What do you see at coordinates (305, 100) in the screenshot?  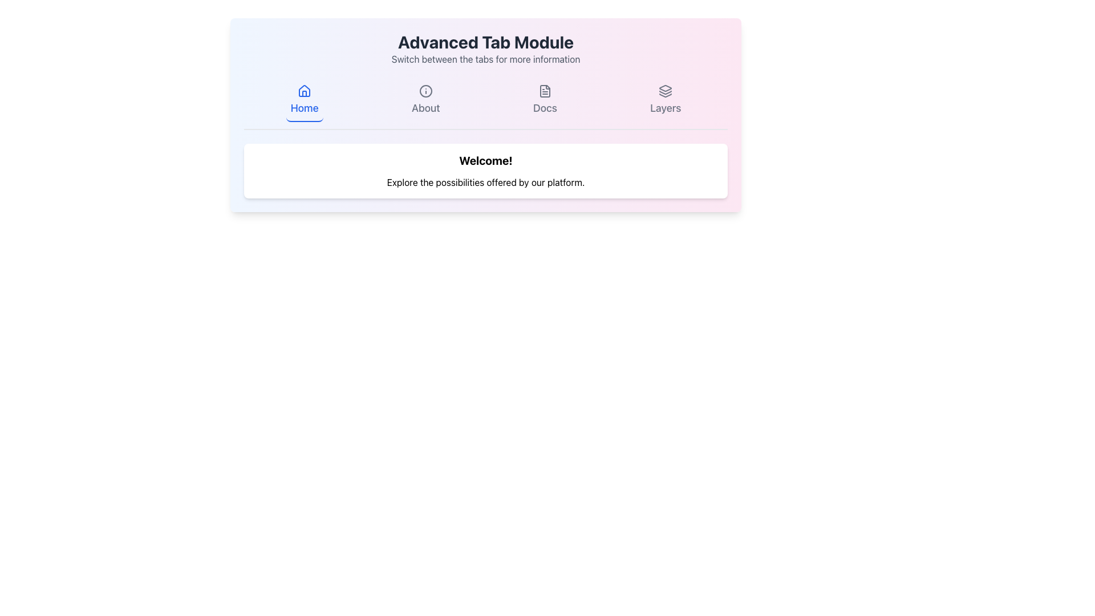 I see `the 'Home' button, which is a rectangular button with a house icon and blue text, located in the navigation bar under the main header` at bounding box center [305, 100].